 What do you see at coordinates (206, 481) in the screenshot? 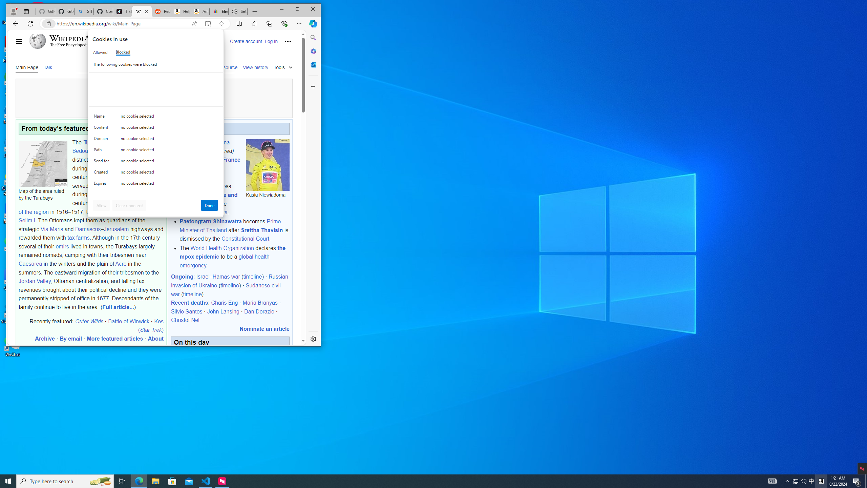
I see `'Visual Studio Code - 1 running window'` at bounding box center [206, 481].